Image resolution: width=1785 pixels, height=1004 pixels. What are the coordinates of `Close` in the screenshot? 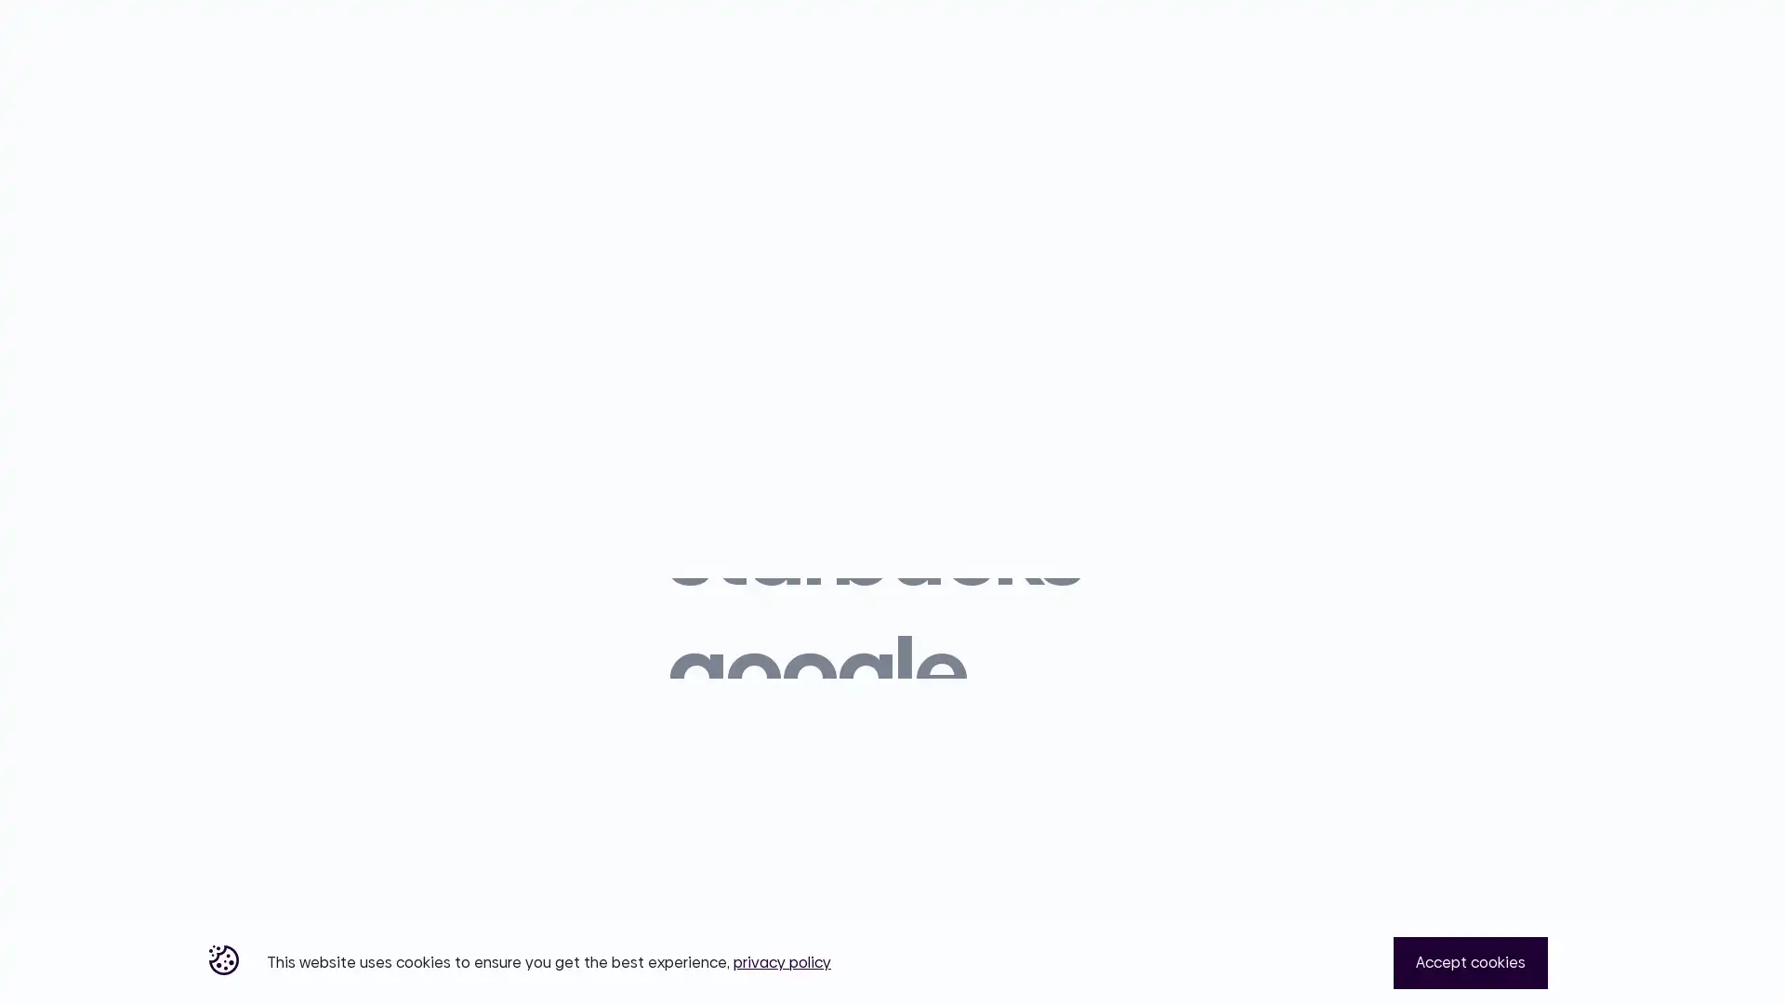 It's located at (1561, 963).